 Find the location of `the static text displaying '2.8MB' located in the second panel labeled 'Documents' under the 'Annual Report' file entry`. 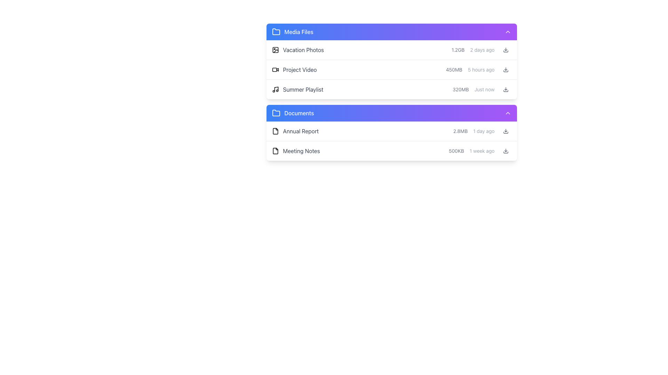

the static text displaying '2.8MB' located in the second panel labeled 'Documents' under the 'Annual Report' file entry is located at coordinates (460, 131).